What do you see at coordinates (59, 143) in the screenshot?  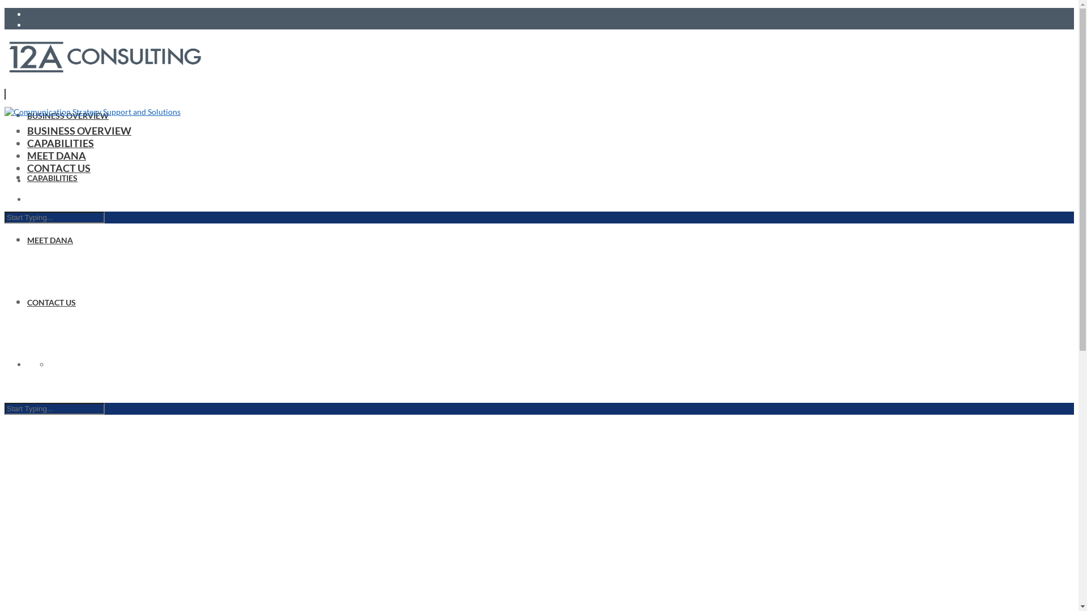 I see `'CAPABILITIES'` at bounding box center [59, 143].